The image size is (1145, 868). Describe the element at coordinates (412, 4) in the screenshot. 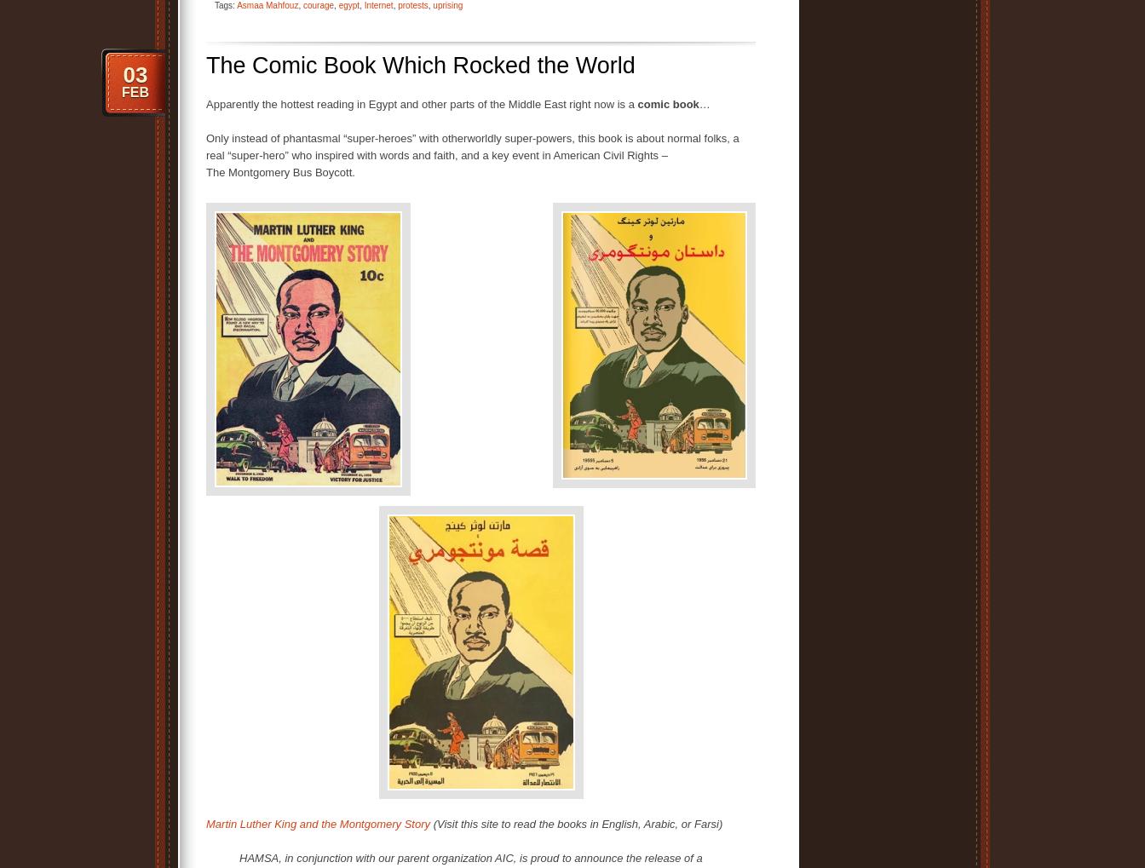

I see `'protests'` at that location.